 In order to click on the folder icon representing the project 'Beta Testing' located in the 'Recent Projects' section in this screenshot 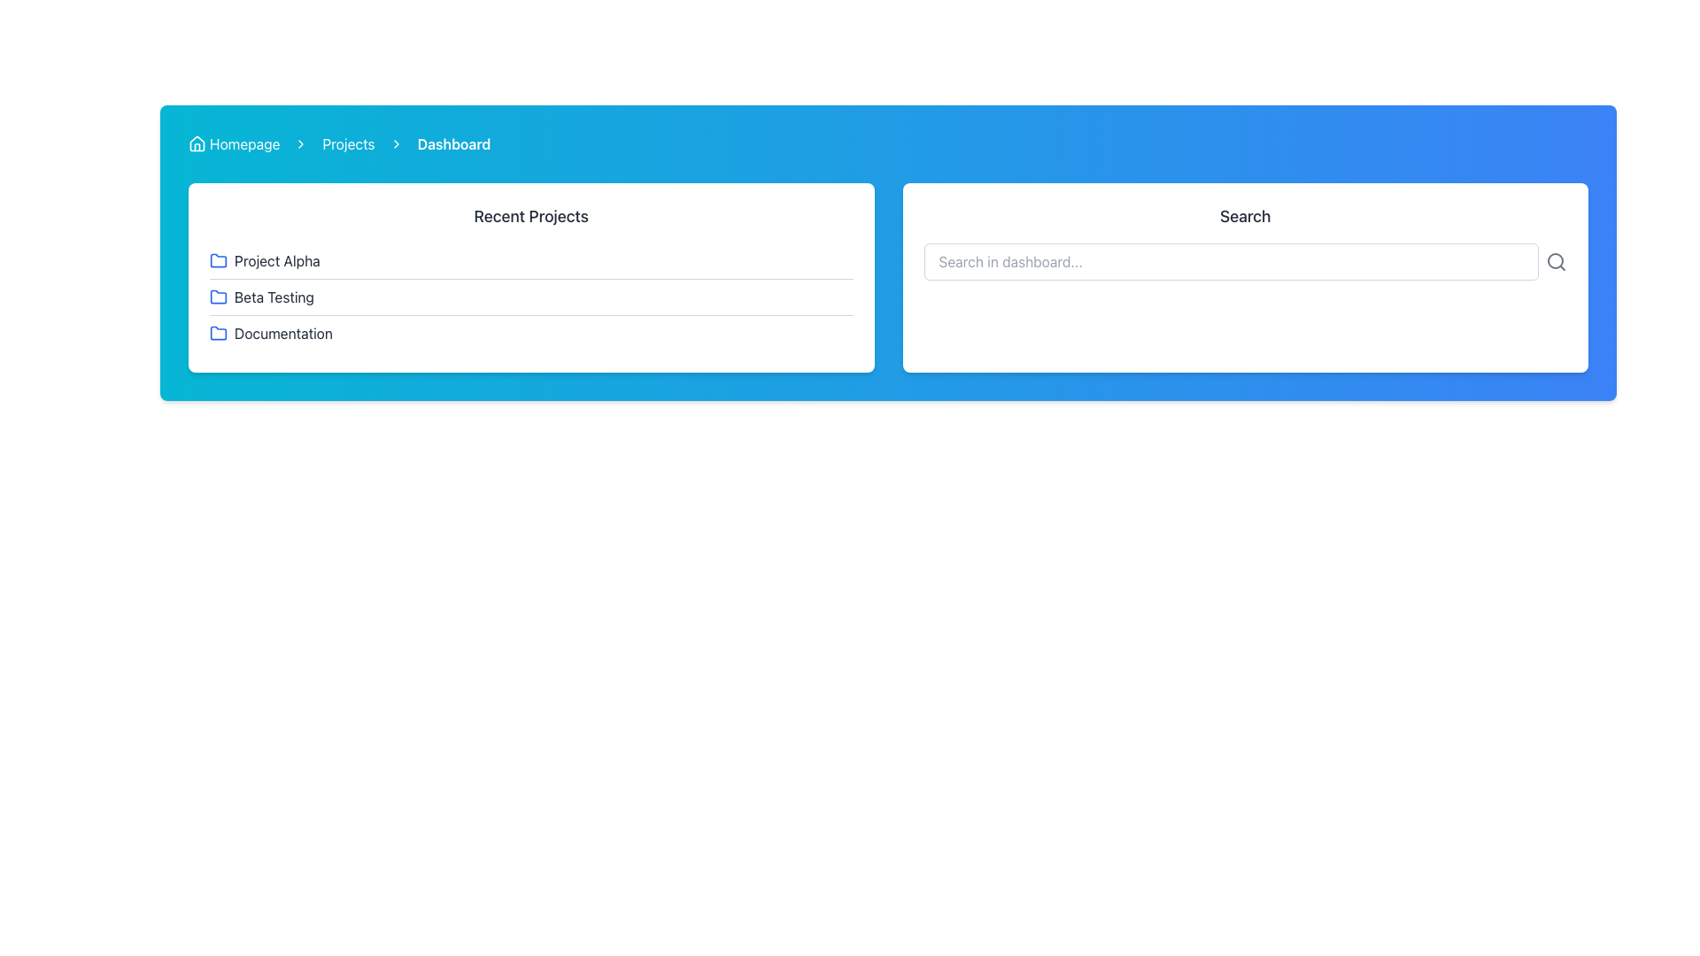, I will do `click(217, 296)`.